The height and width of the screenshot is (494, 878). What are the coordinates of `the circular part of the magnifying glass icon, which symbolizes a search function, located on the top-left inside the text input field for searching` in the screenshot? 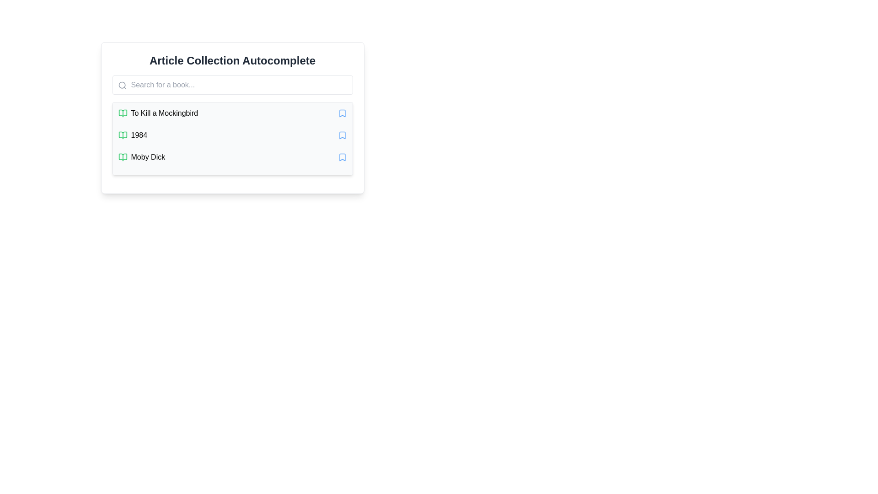 It's located at (121, 85).